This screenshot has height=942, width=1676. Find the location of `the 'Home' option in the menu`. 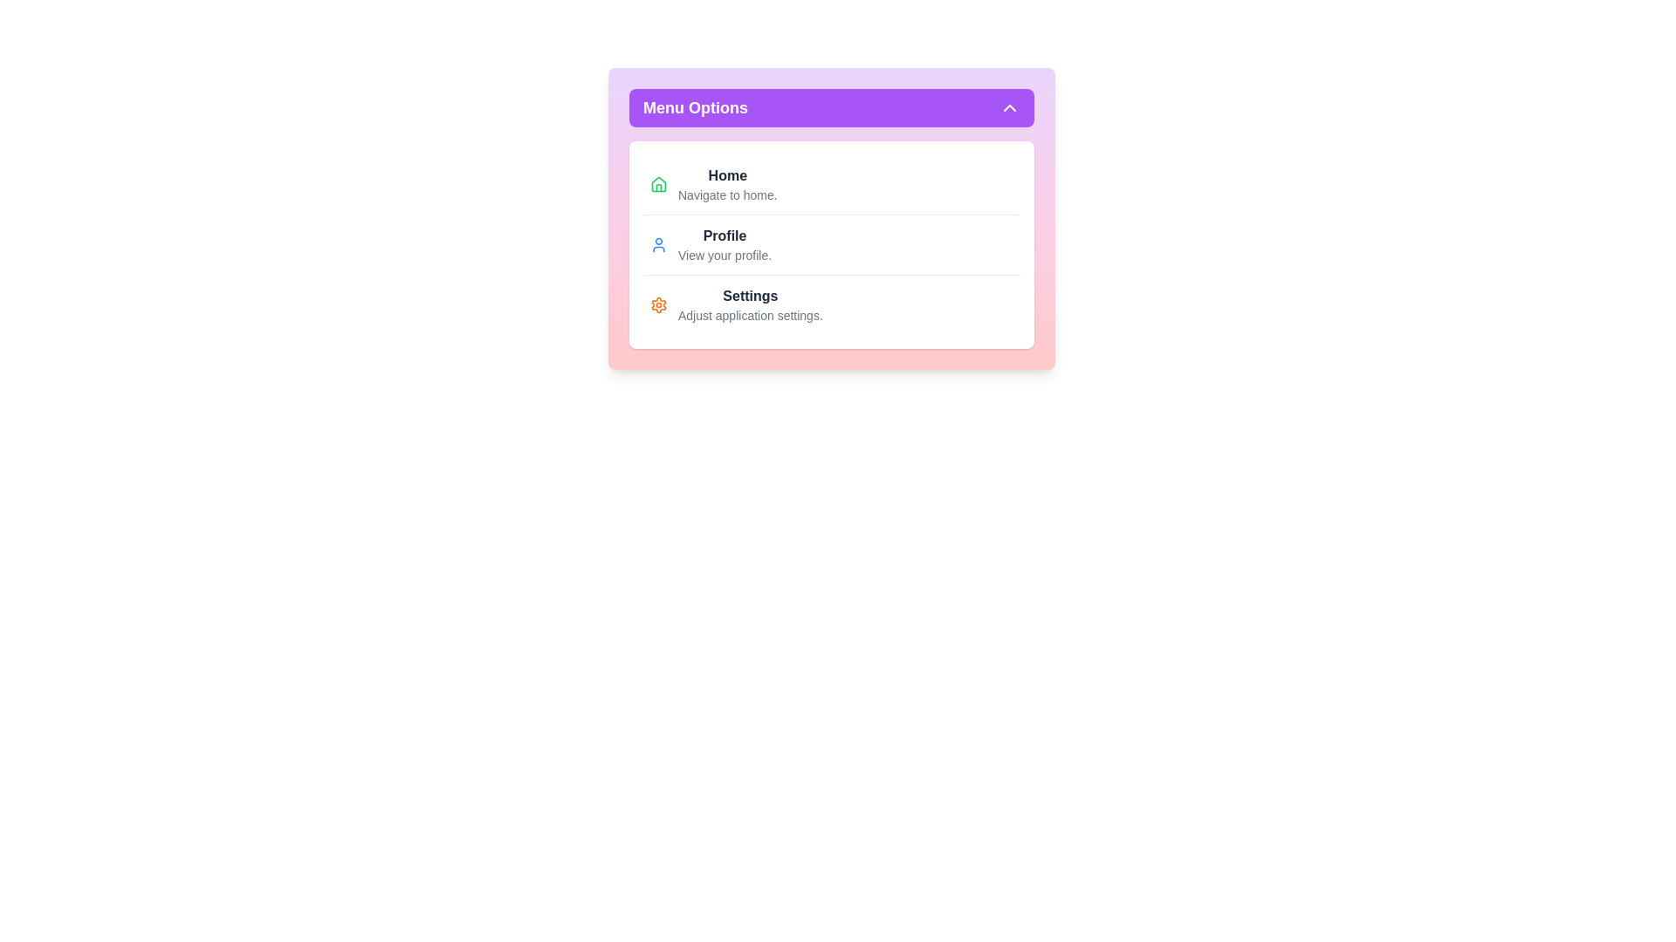

the 'Home' option in the menu is located at coordinates (727, 175).